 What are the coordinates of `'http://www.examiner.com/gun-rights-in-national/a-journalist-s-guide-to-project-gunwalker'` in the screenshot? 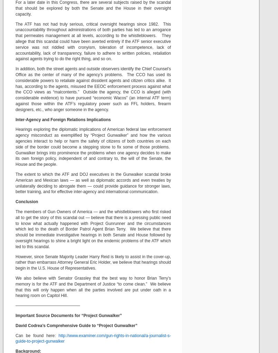 It's located at (93, 338).